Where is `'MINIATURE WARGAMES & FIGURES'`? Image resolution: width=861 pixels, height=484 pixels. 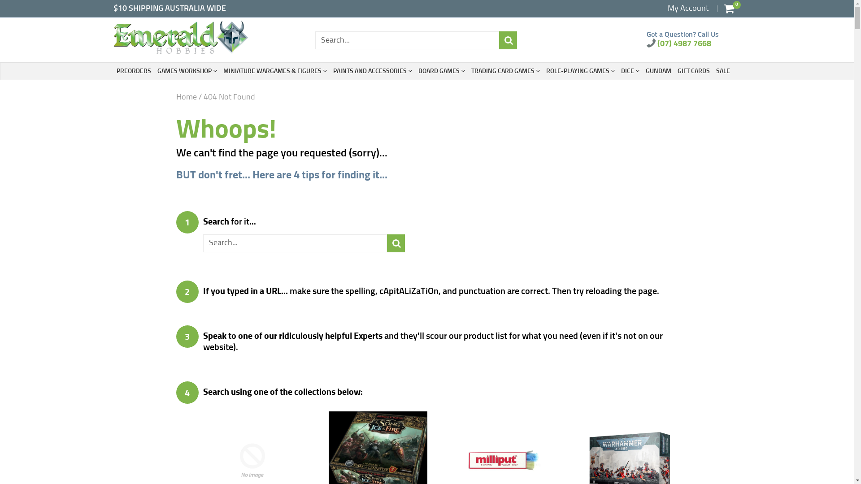
'MINIATURE WARGAMES & FIGURES' is located at coordinates (274, 70).